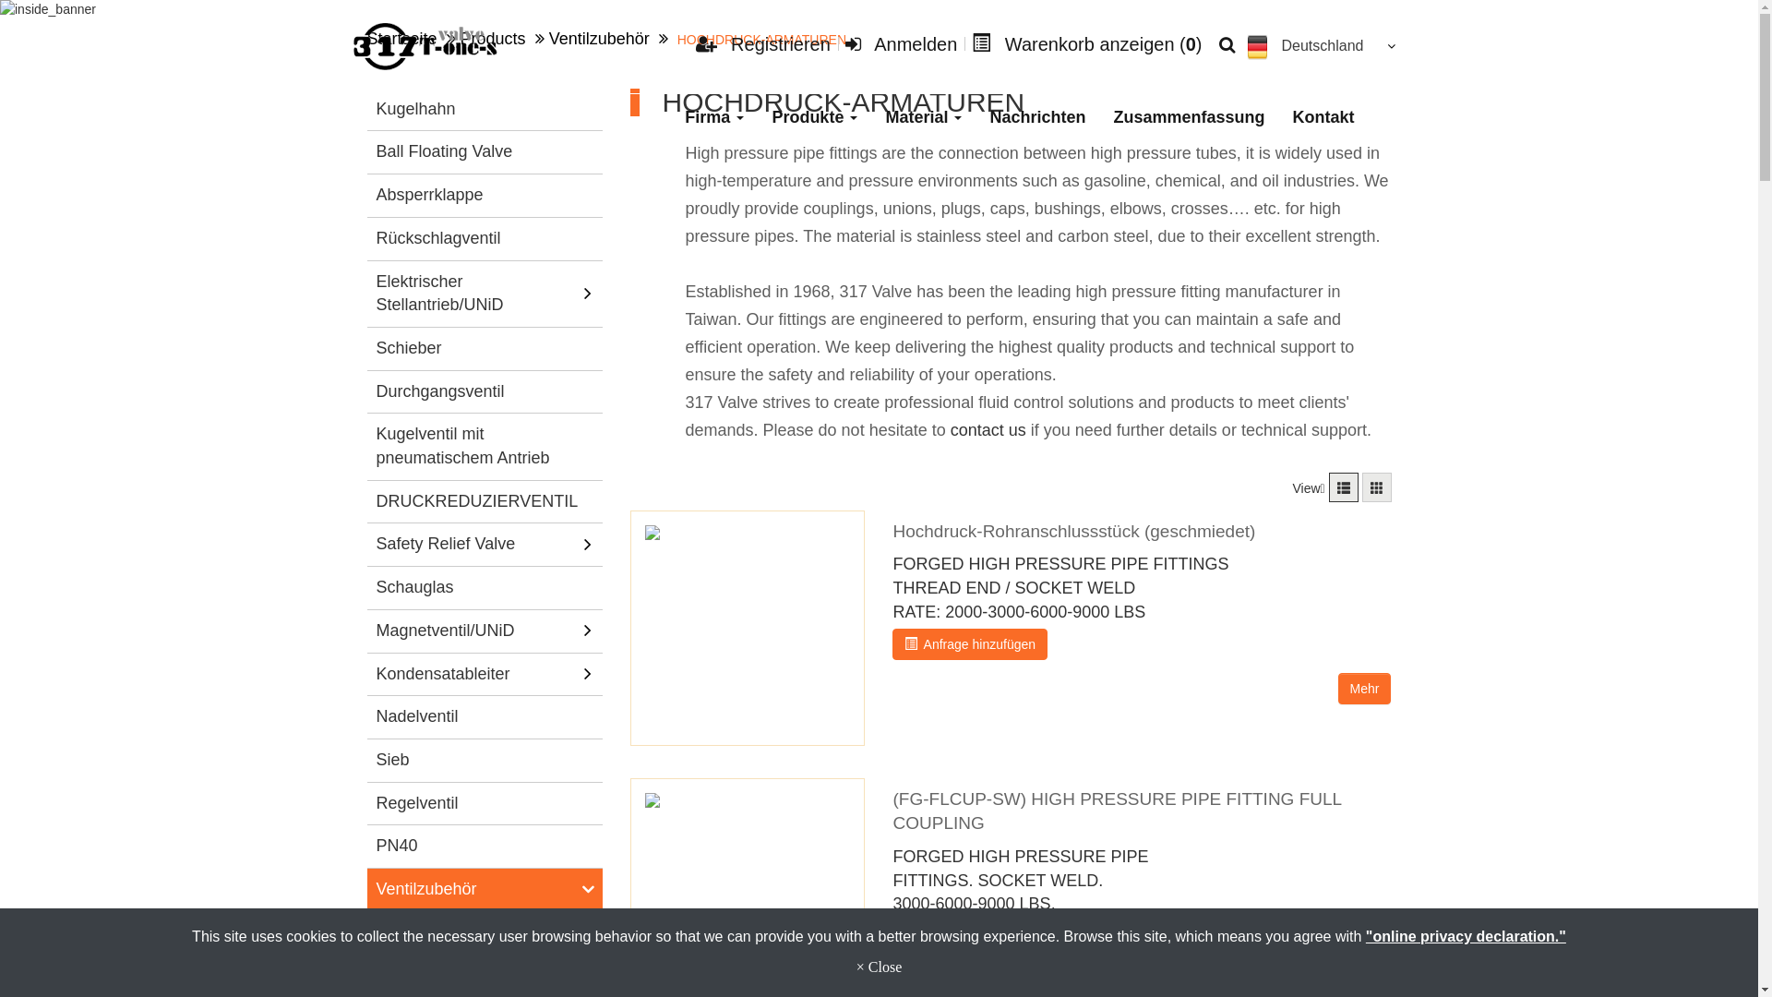 The image size is (1772, 997). Describe the element at coordinates (1086, 42) in the screenshot. I see `'Warenkorb anzeigen (0)'` at that location.